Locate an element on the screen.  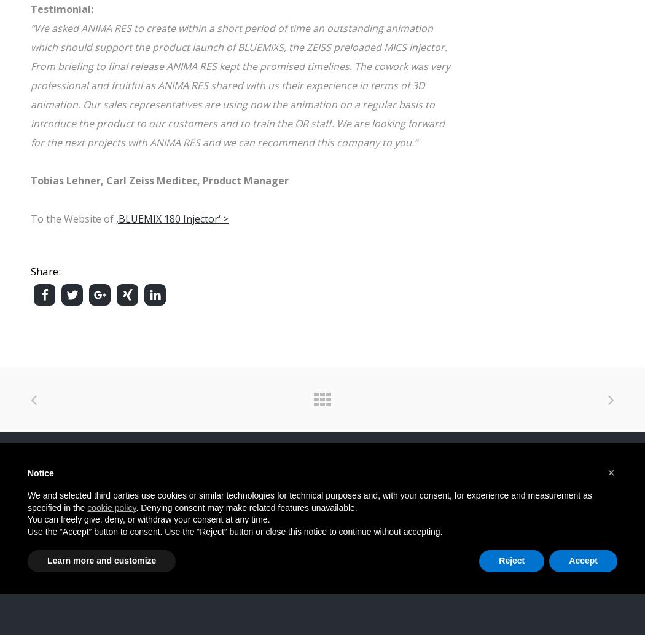
'. Denying consent may make related features unavailable.' is located at coordinates (135, 507).